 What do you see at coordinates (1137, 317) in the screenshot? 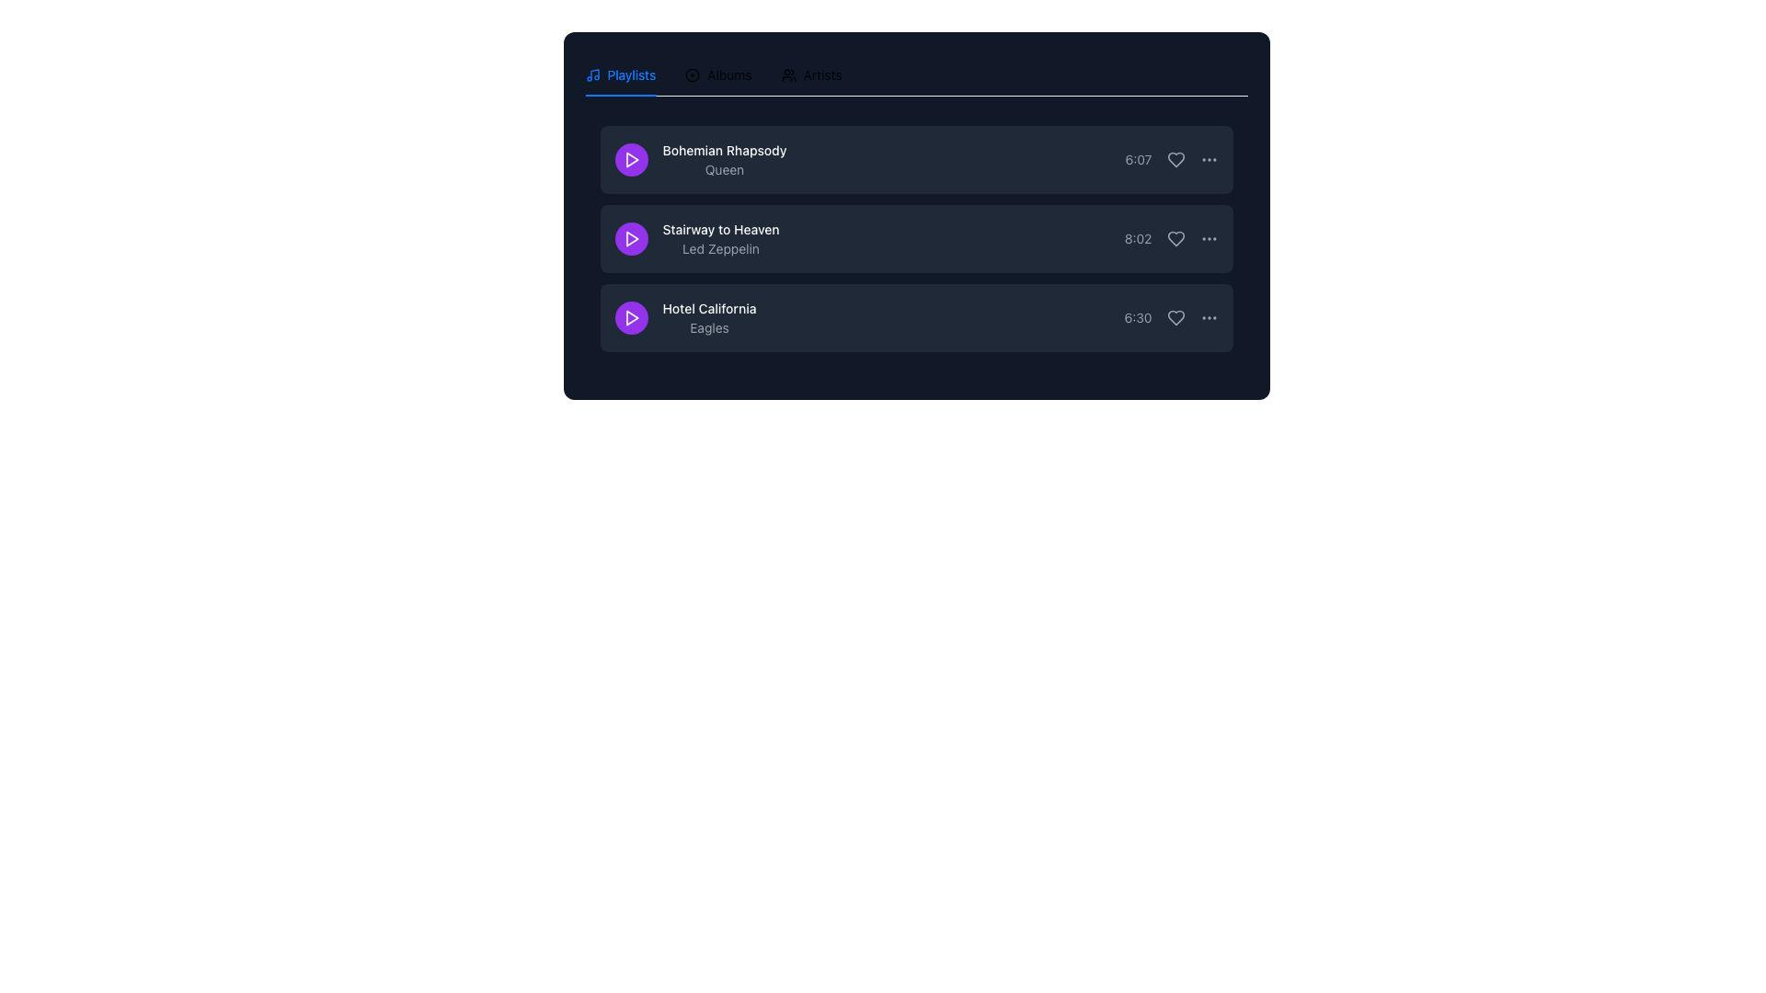
I see `the text label indicating the duration of the song 'Hotel California' by the Eagles, located in the third row of the playlist section, at the far right before the heart icon and ellipsis menu` at bounding box center [1137, 317].